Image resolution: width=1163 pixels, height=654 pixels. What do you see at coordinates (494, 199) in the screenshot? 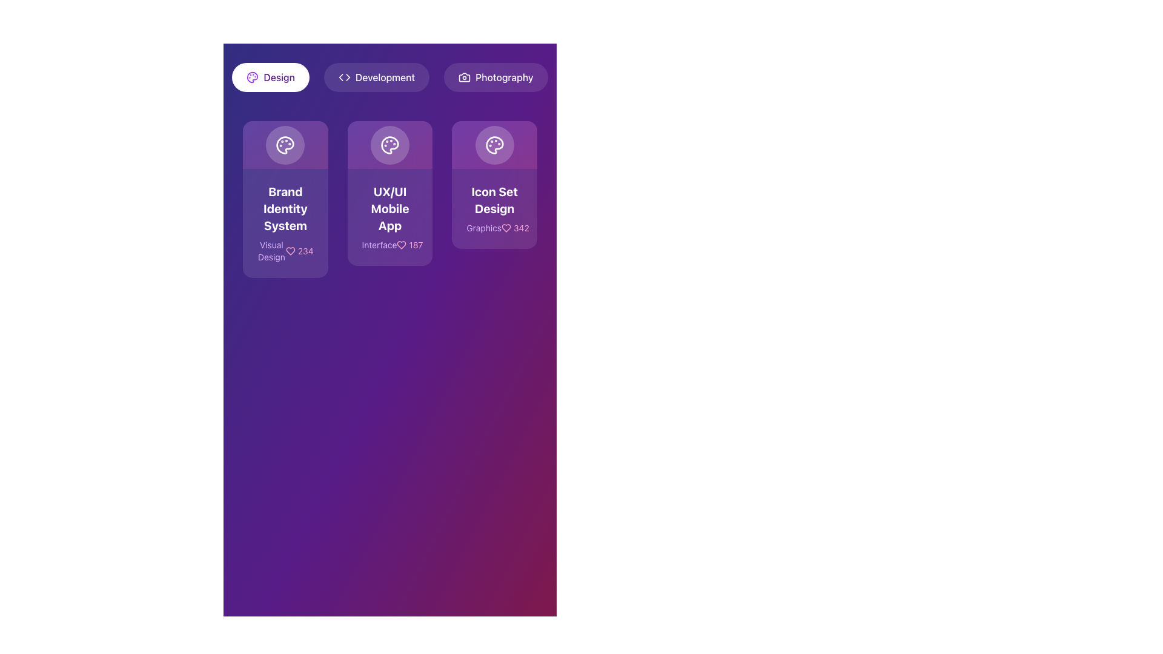
I see `the third card representing 'Icon Set Design' in the top-right position` at bounding box center [494, 199].